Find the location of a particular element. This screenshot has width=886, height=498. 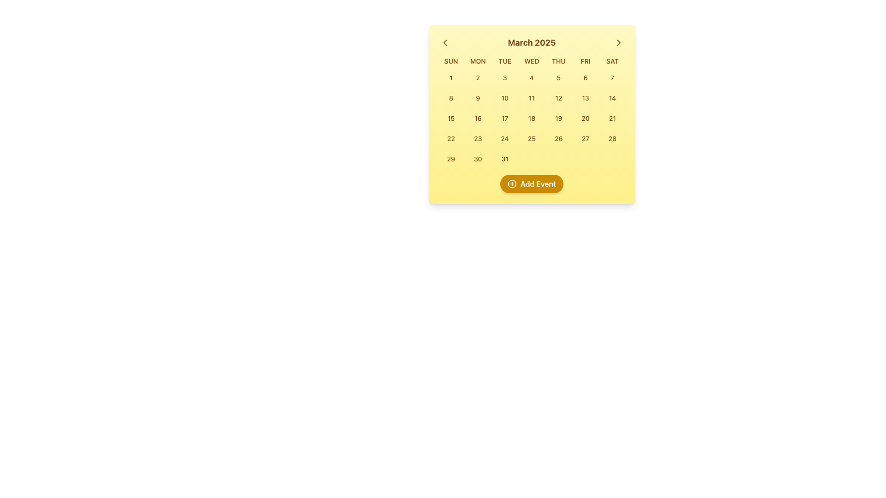

on the number '23' text label inside the date cell of the calendar interface is located at coordinates (478, 138).